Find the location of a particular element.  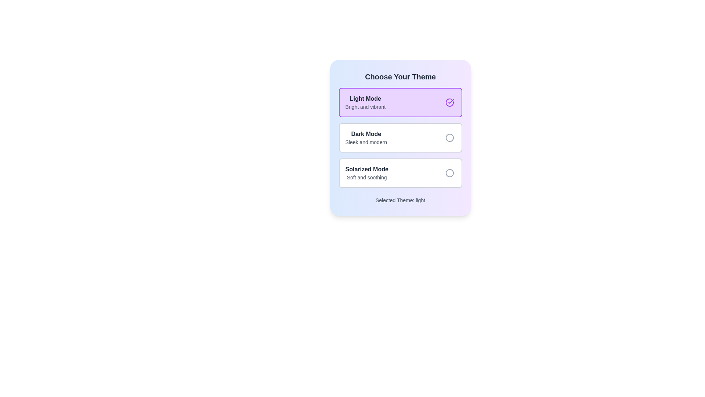

the third option card labeled 'Solarized Mode' in the 'Choose Your Theme' section is located at coordinates (400, 173).